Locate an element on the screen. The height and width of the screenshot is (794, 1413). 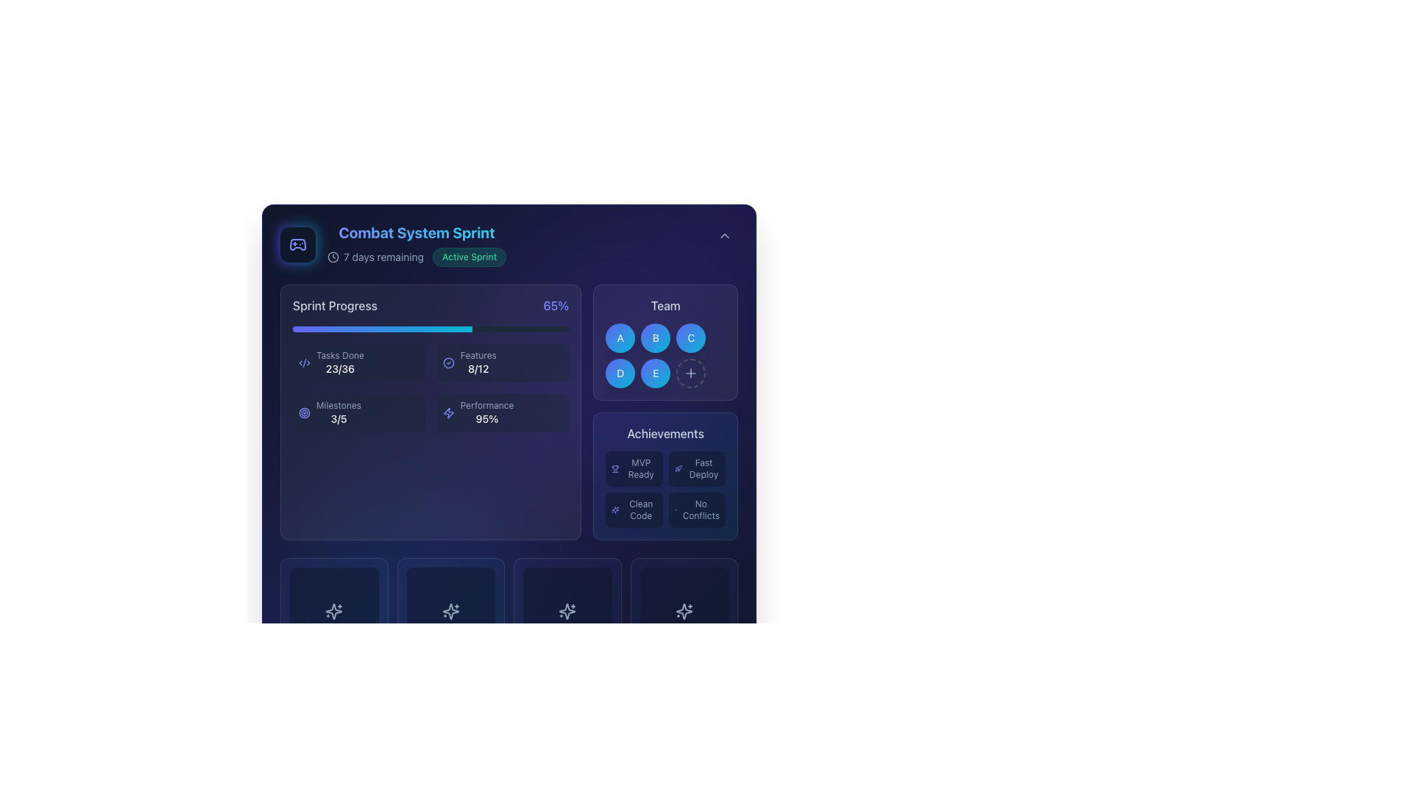
the circular button representing the first team member in the top-left corner of the 'Team' layout group is located at coordinates (620, 337).